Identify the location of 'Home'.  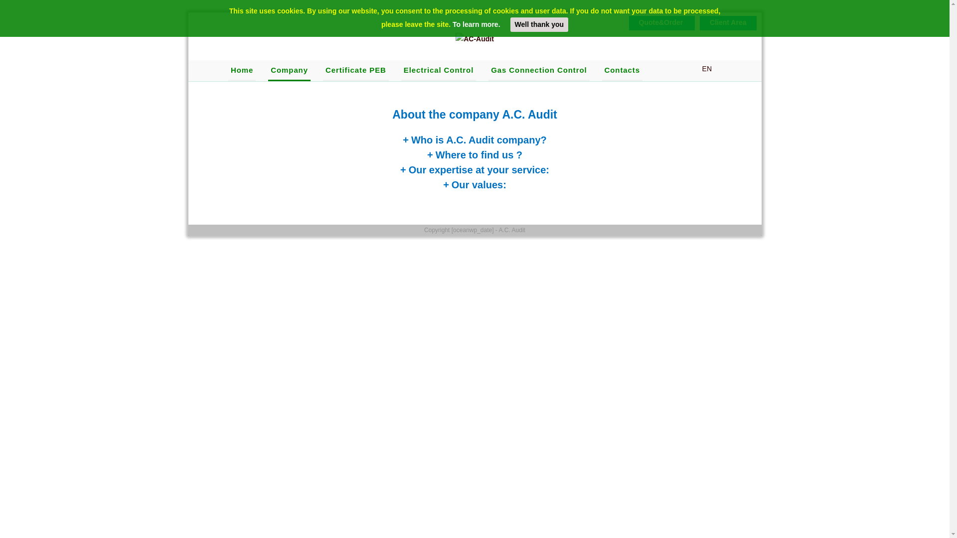
(242, 70).